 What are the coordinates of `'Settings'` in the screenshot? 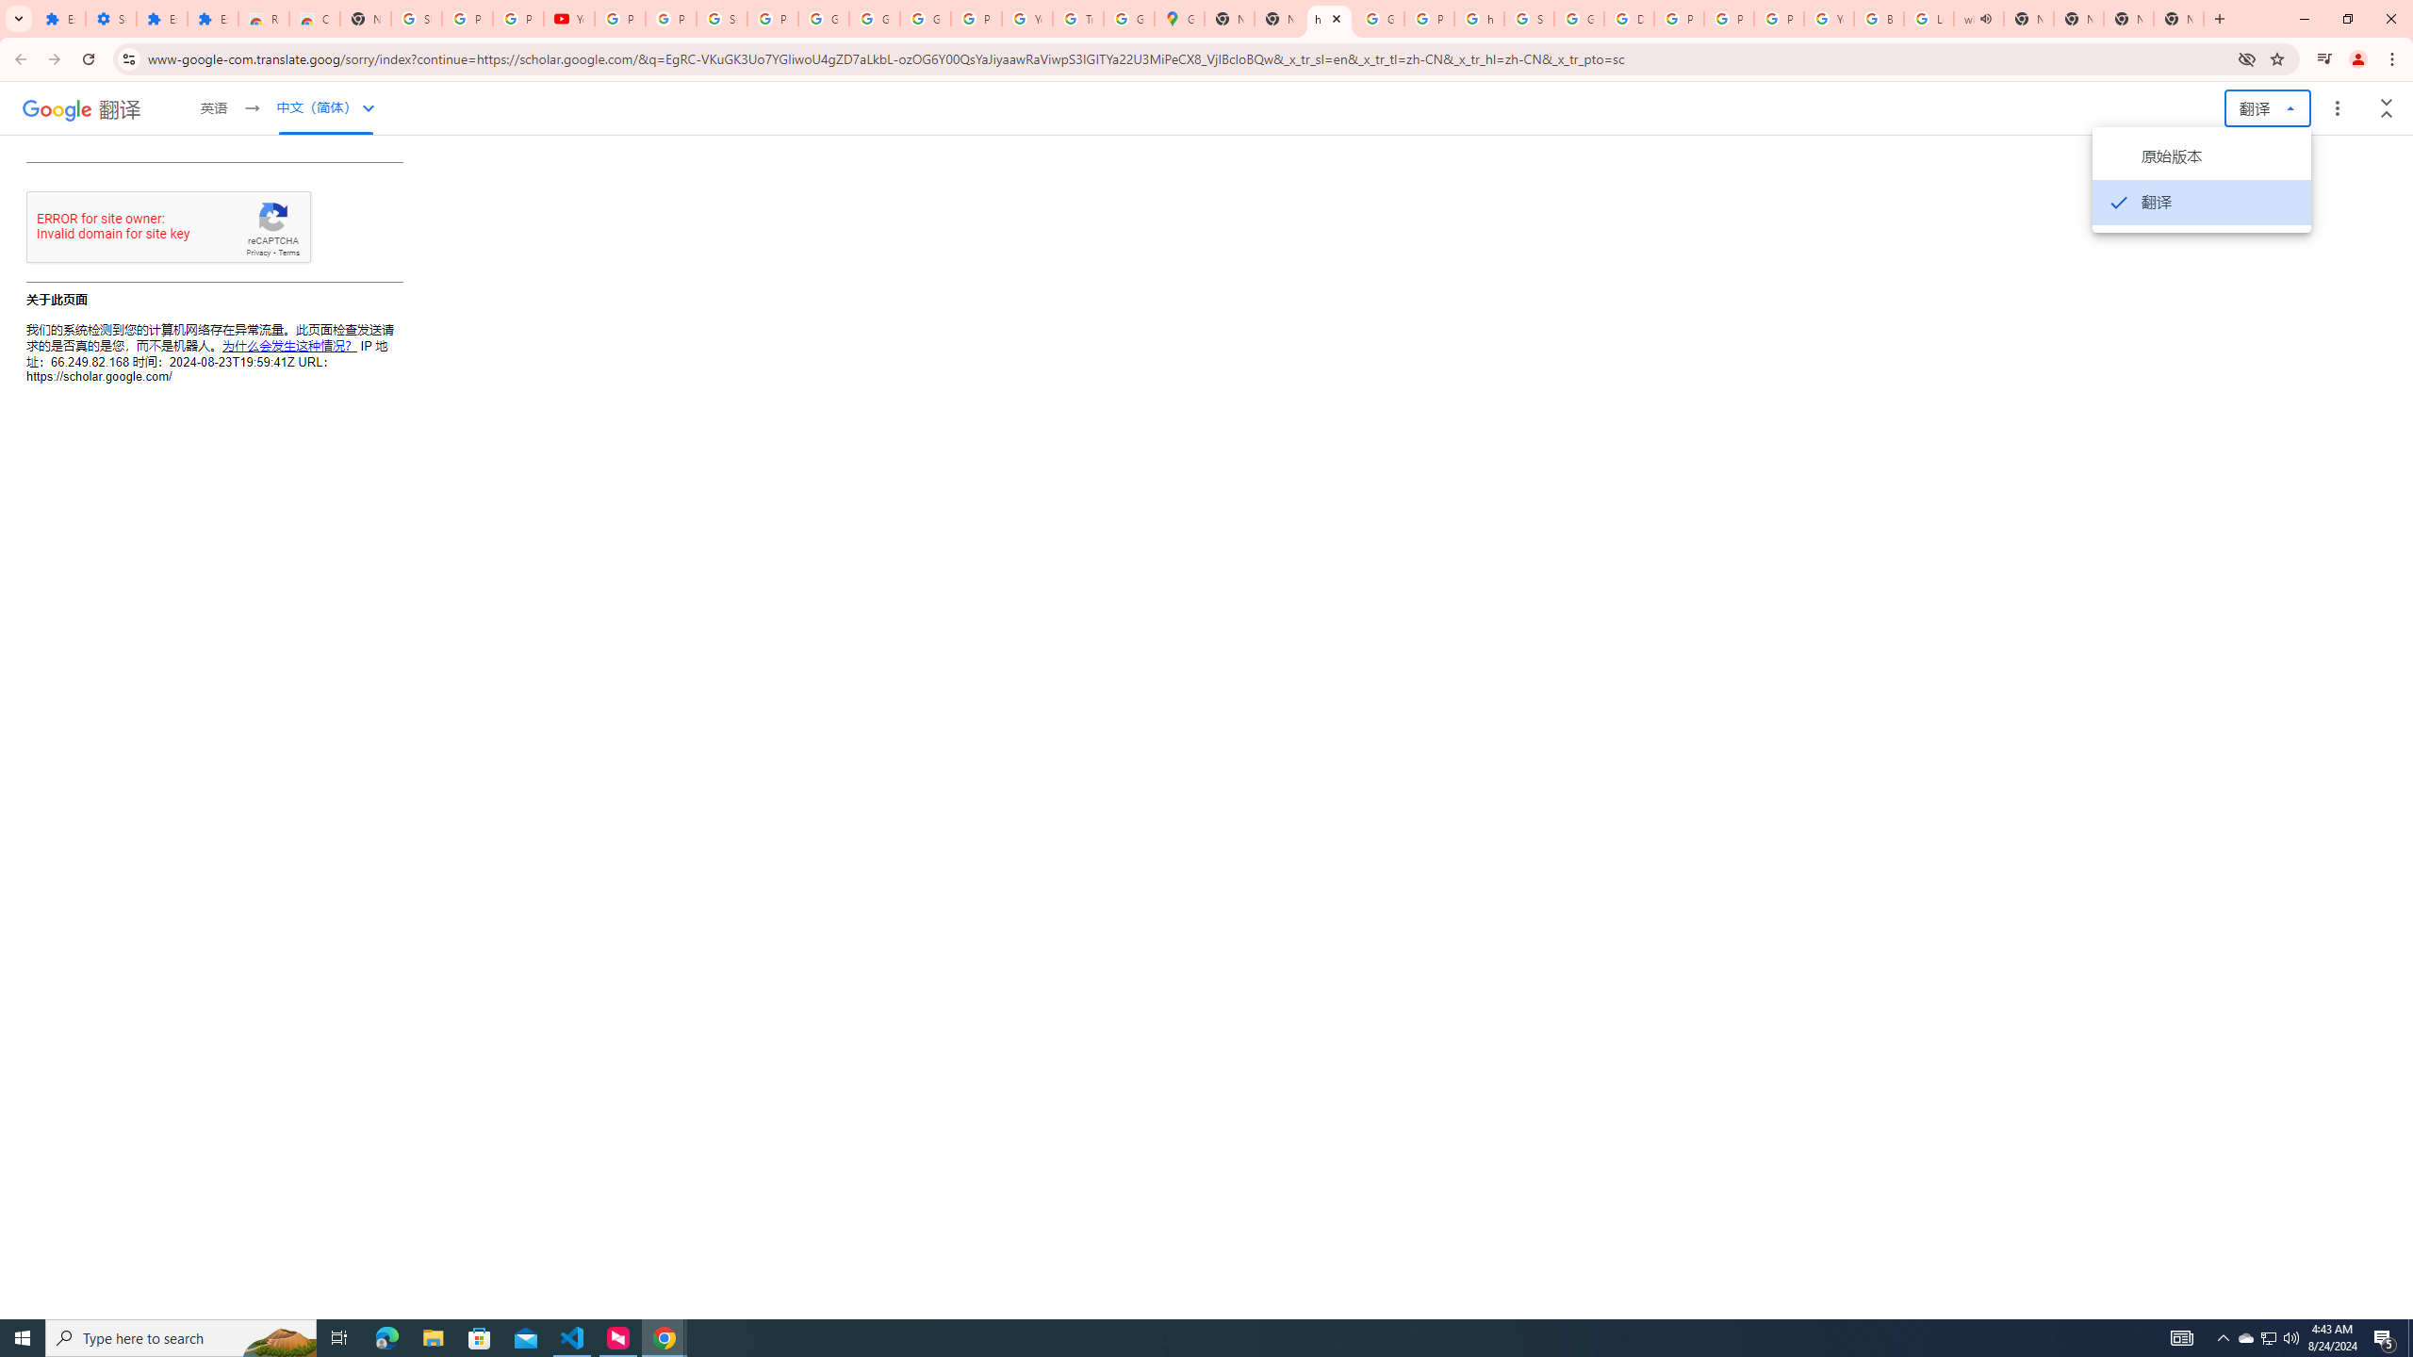 It's located at (110, 18).